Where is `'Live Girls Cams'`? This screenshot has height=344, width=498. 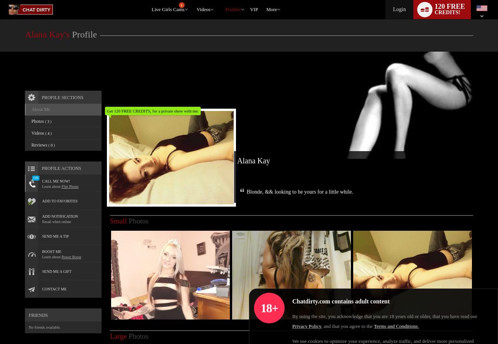 'Live Girls Cams' is located at coordinates (167, 9).